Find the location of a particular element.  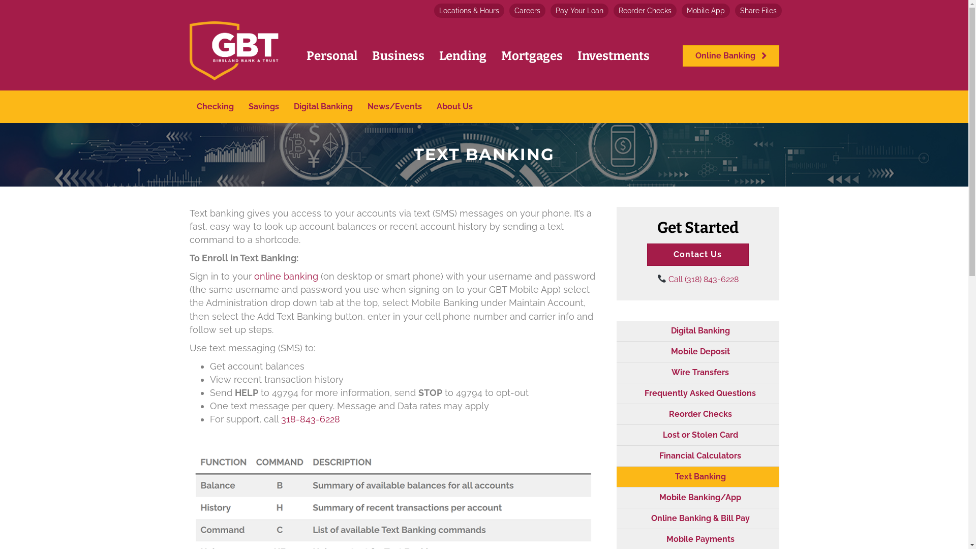

'Pay Your Loan' is located at coordinates (578, 10).